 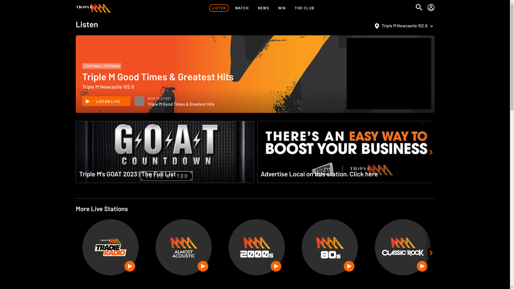 I want to click on 'Triple M's GOAT 2023 | The Full List', so click(x=164, y=152).